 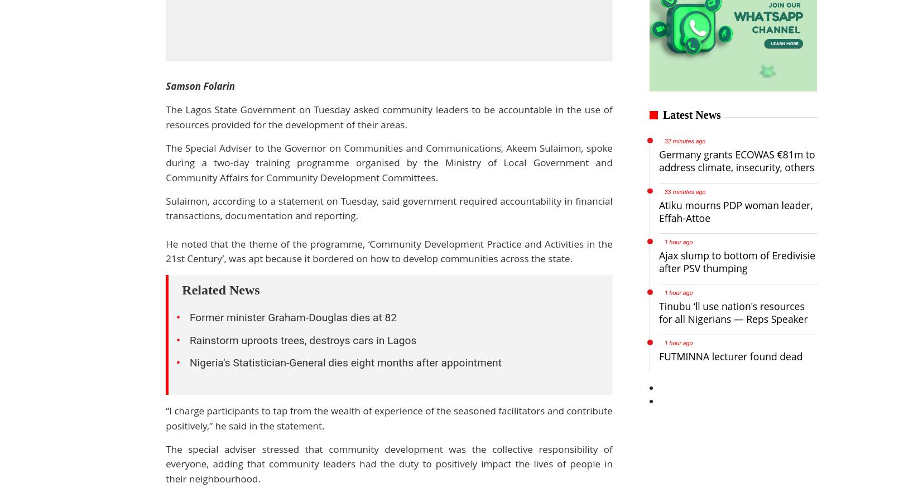 What do you see at coordinates (119, 472) in the screenshot?
I see `'Politics'` at bounding box center [119, 472].